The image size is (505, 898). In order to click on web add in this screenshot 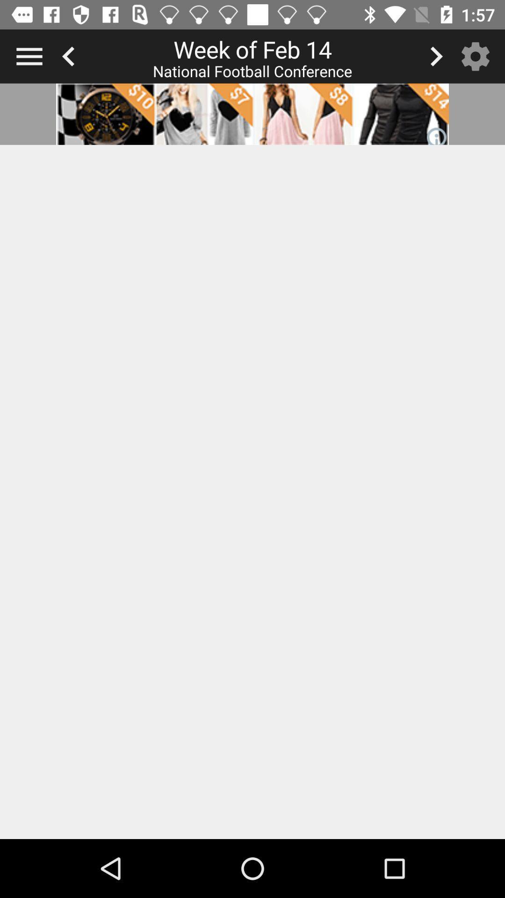, I will do `click(252, 114)`.